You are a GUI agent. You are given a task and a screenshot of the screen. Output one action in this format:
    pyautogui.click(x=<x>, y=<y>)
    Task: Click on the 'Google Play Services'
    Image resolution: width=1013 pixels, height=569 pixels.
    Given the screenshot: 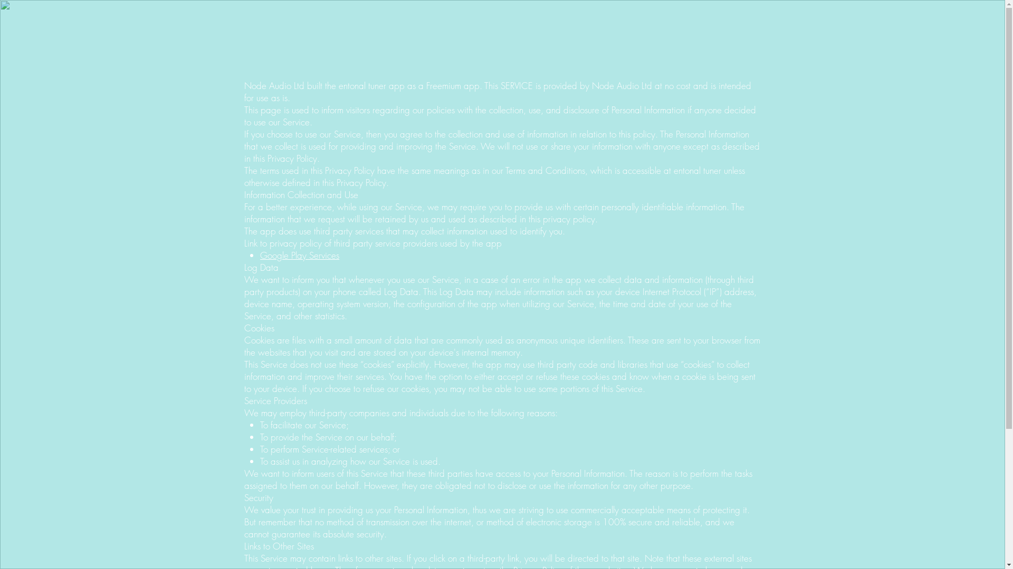 What is the action you would take?
    pyautogui.click(x=299, y=255)
    